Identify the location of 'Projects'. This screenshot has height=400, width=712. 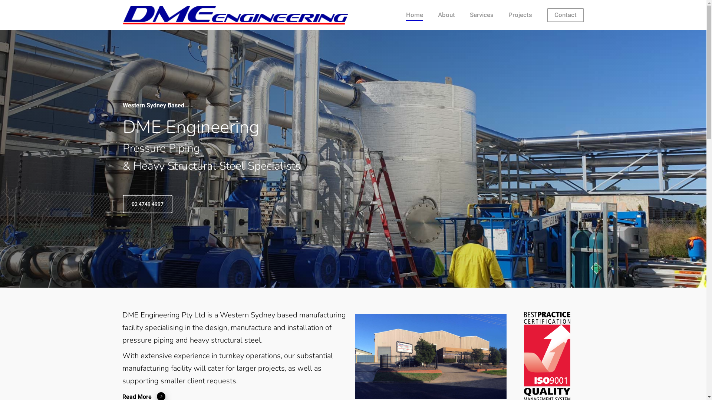
(508, 15).